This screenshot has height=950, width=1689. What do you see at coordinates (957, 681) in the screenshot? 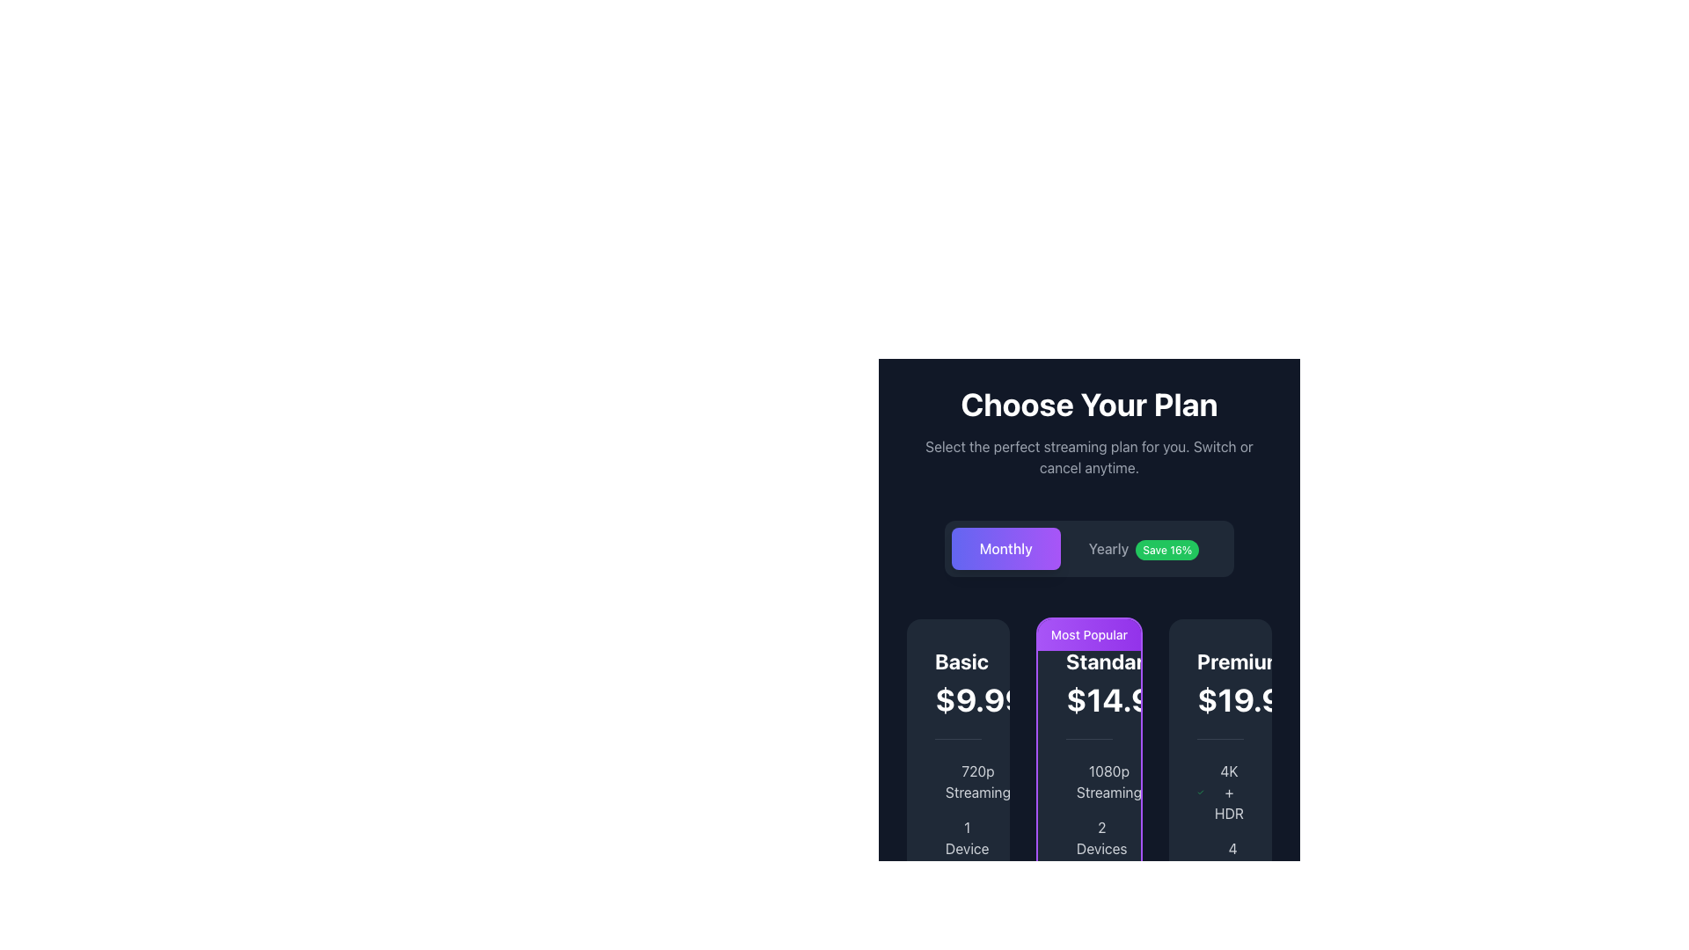
I see `the label displaying the text 'Basic' in bold white font, which indicates a price of '$9.99' followed by '/mo', located in the first column of the pricing table under the 'Choose Your Plan' section` at bounding box center [957, 681].